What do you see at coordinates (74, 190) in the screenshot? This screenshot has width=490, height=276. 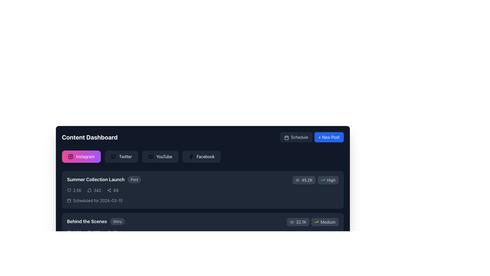 I see `the text '2.5K' styled in gray color with an adjacent heart icon, which is the first component beneath the 'Summer Collection Launch' post` at bounding box center [74, 190].